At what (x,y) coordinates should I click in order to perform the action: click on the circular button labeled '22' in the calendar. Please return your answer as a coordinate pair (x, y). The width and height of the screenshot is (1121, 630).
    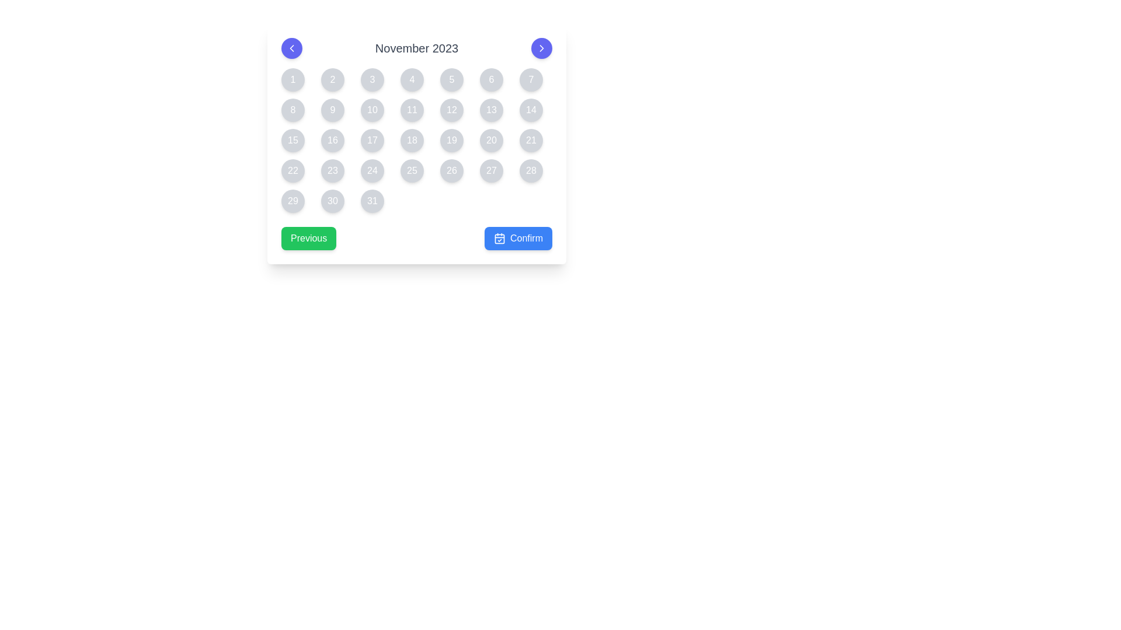
    Looking at the image, I should click on (293, 171).